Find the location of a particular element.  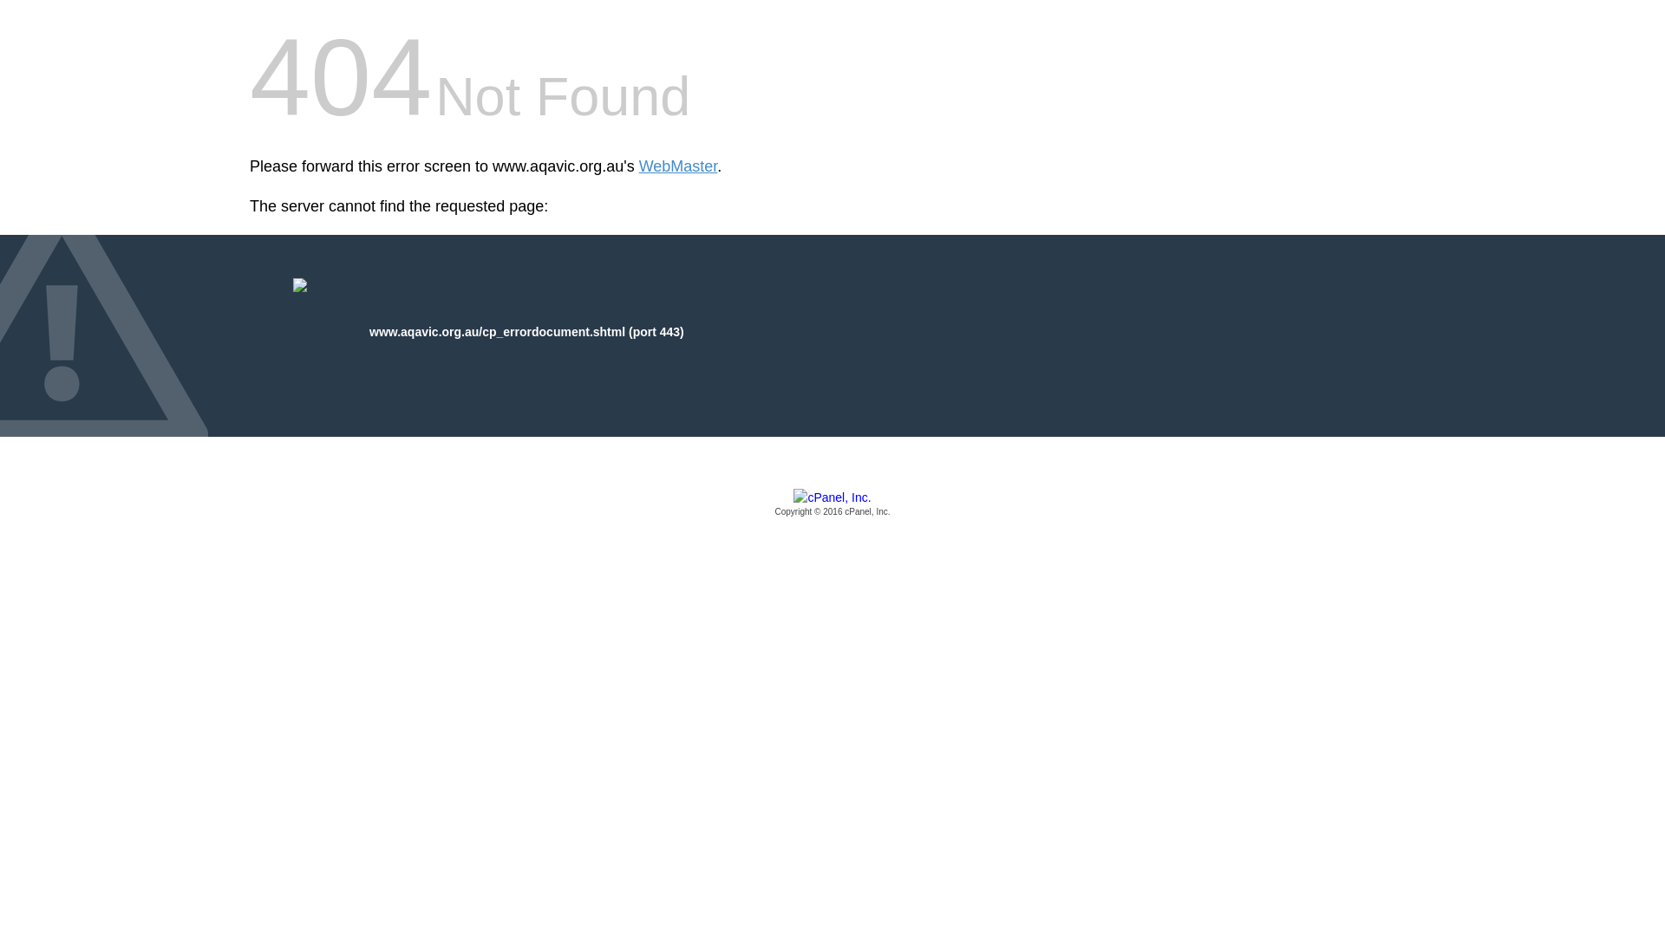

'WebMaster' is located at coordinates (638, 166).